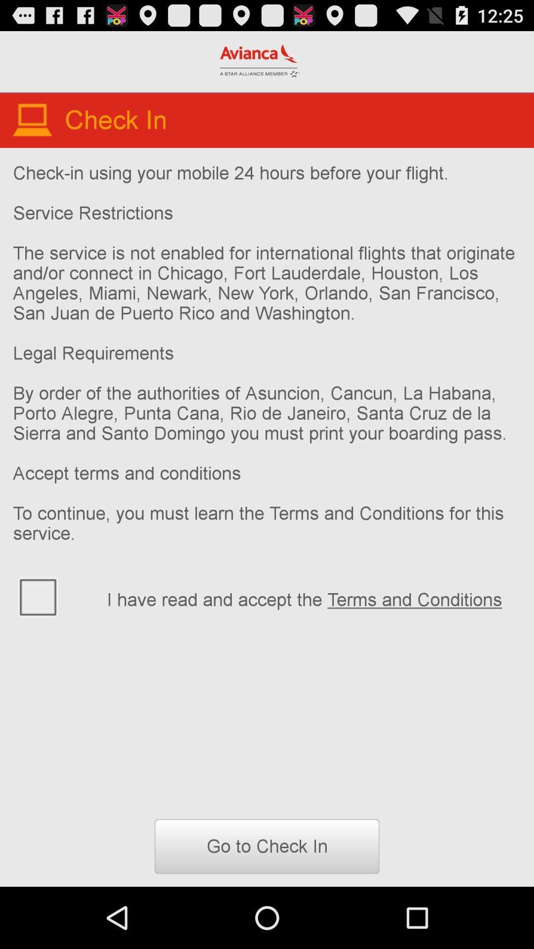 This screenshot has width=534, height=949. Describe the element at coordinates (267, 846) in the screenshot. I see `go to check button` at that location.